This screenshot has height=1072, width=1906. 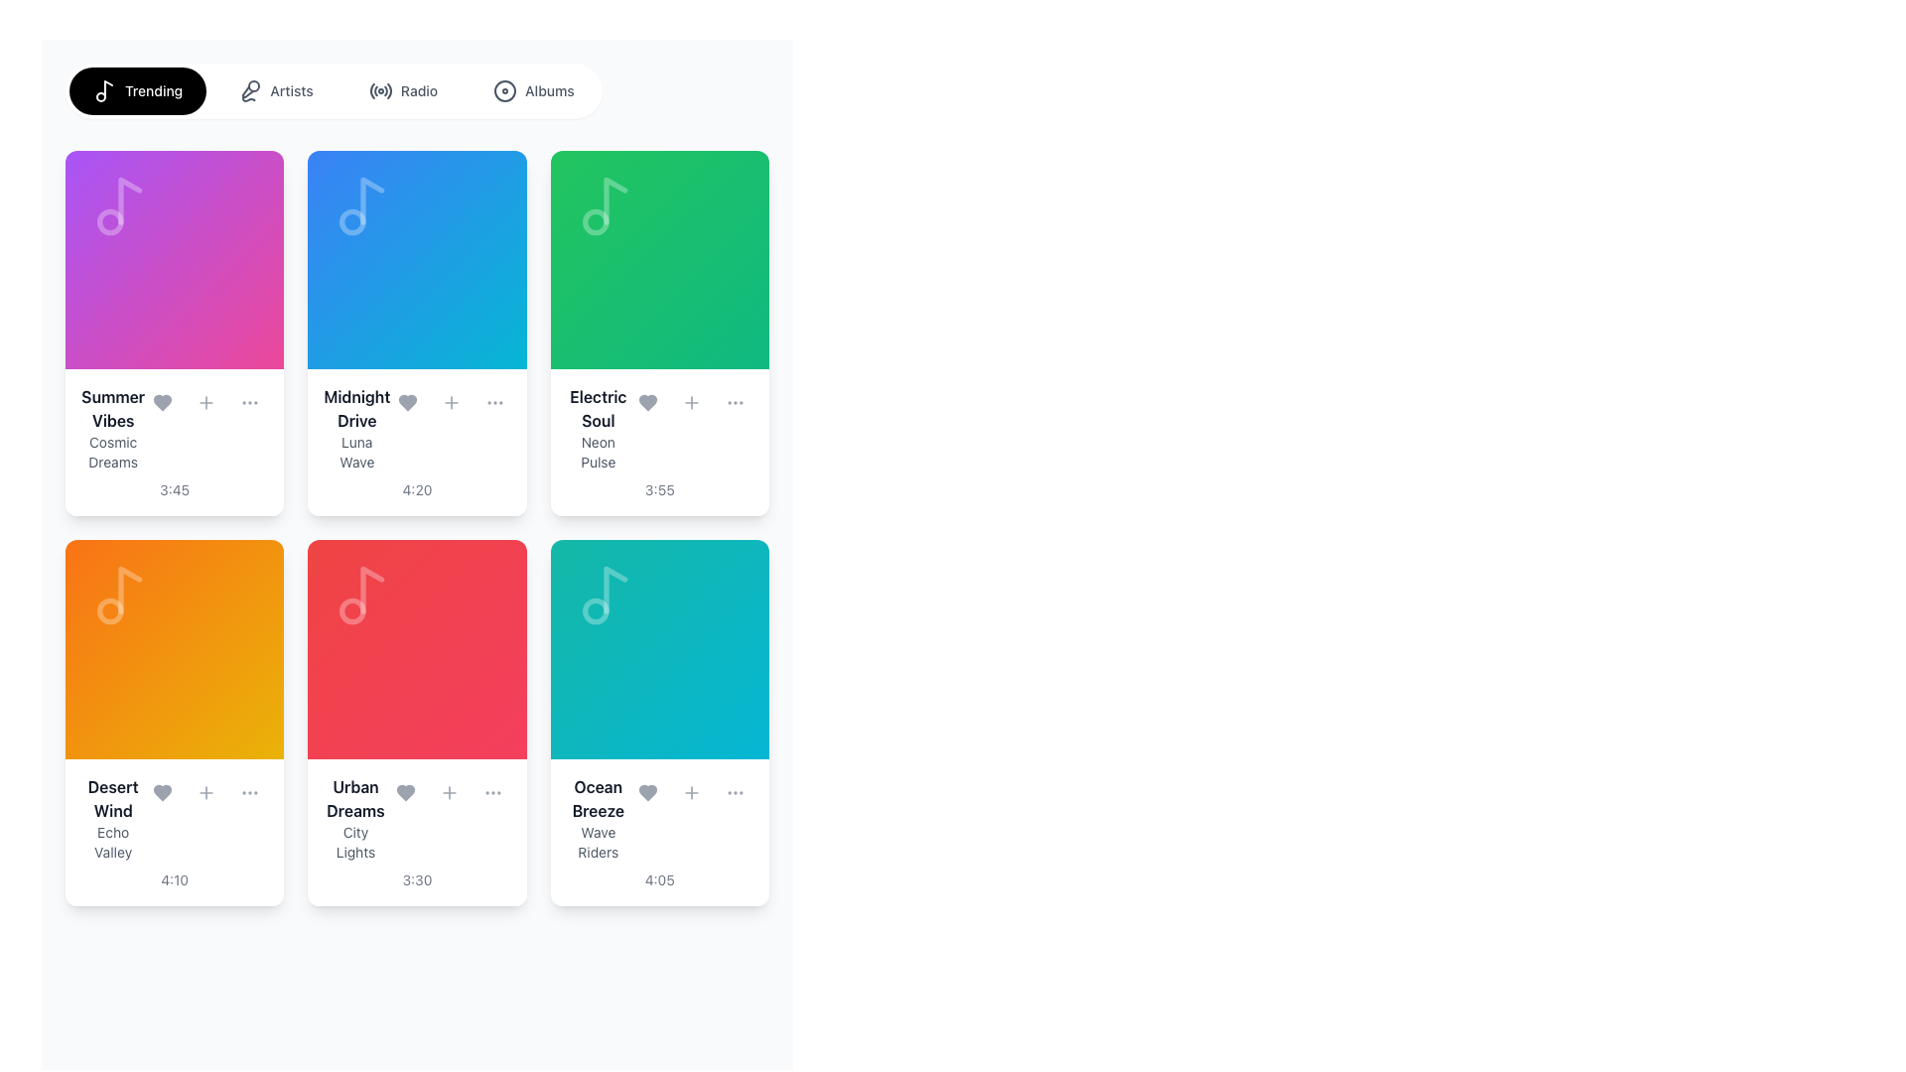 What do you see at coordinates (605, 595) in the screenshot?
I see `the decorative music-related icon located in the upper portion of the 'Ocean Breeze' card with a teal background` at bounding box center [605, 595].